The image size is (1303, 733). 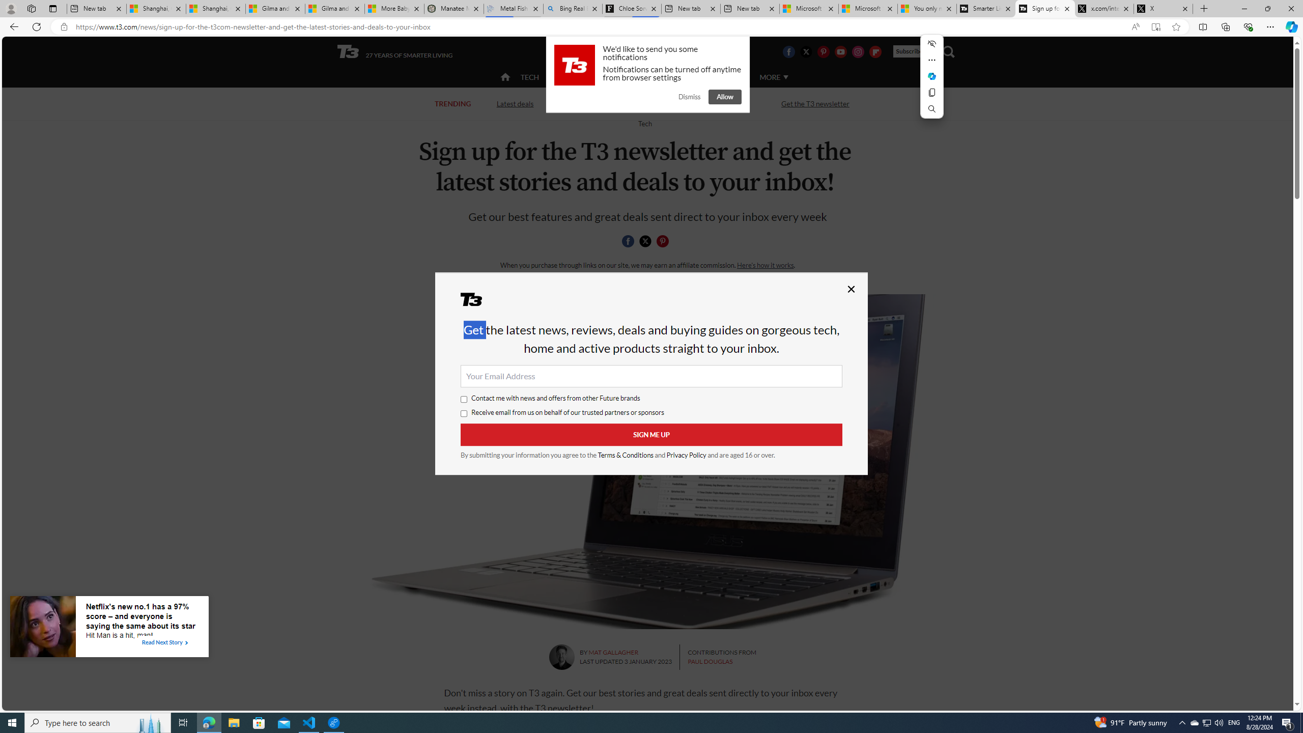 I want to click on 'Dismiss', so click(x=689, y=96).